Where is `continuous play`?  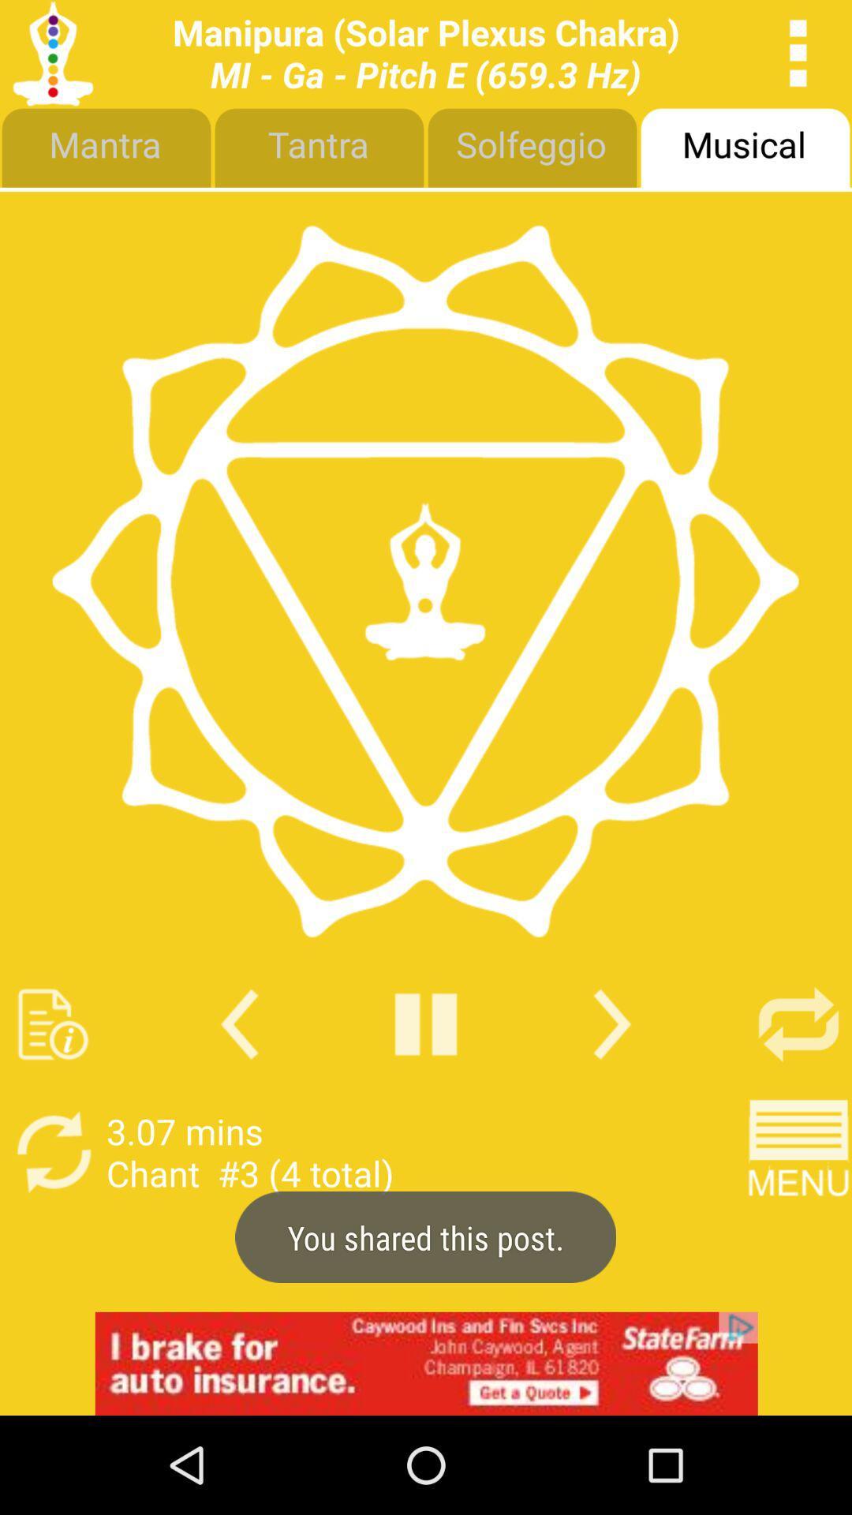
continuous play is located at coordinates (798, 1024).